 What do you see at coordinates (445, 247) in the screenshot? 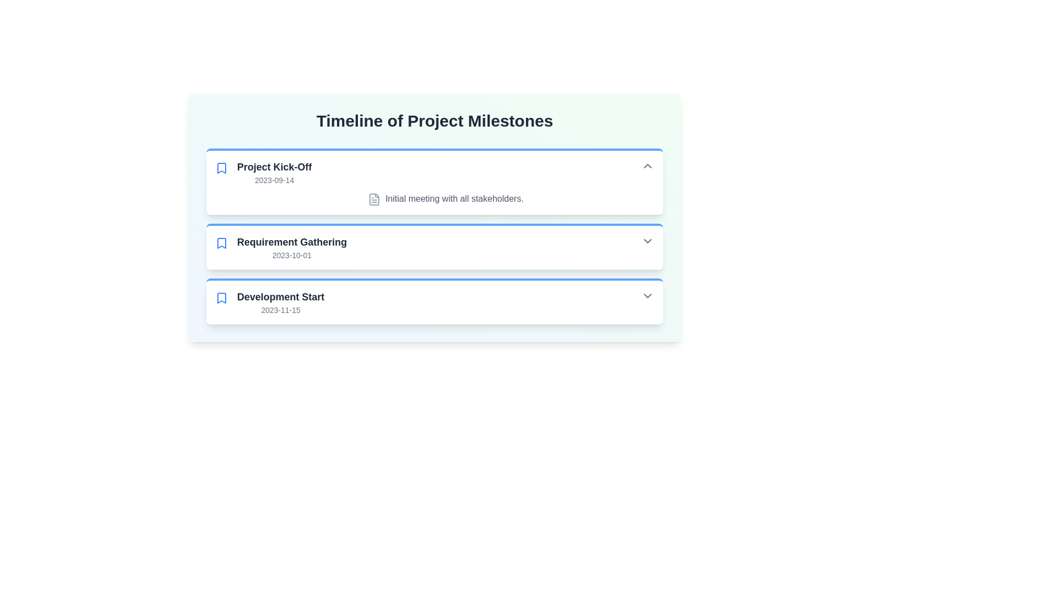
I see `displayed milestone information for the 'Requirement Gathering' section in the collapsible list, which includes the title styled in bold dark gray and the date '2023-10-01' in light gray` at bounding box center [445, 247].